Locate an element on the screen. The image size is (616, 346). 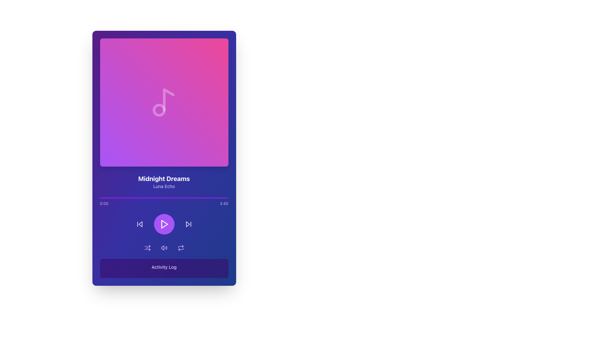
the interactive toolbar with playback control icons located above the 'Activity Log' button is located at coordinates (164, 248).